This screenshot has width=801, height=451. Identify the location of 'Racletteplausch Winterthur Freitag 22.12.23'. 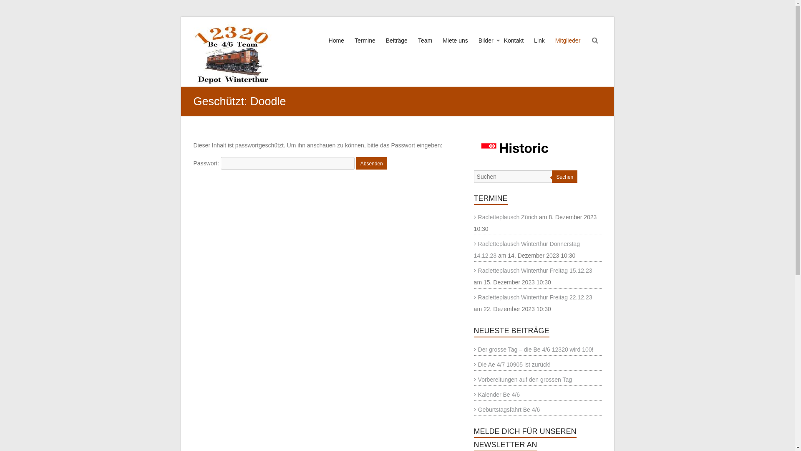
(532, 297).